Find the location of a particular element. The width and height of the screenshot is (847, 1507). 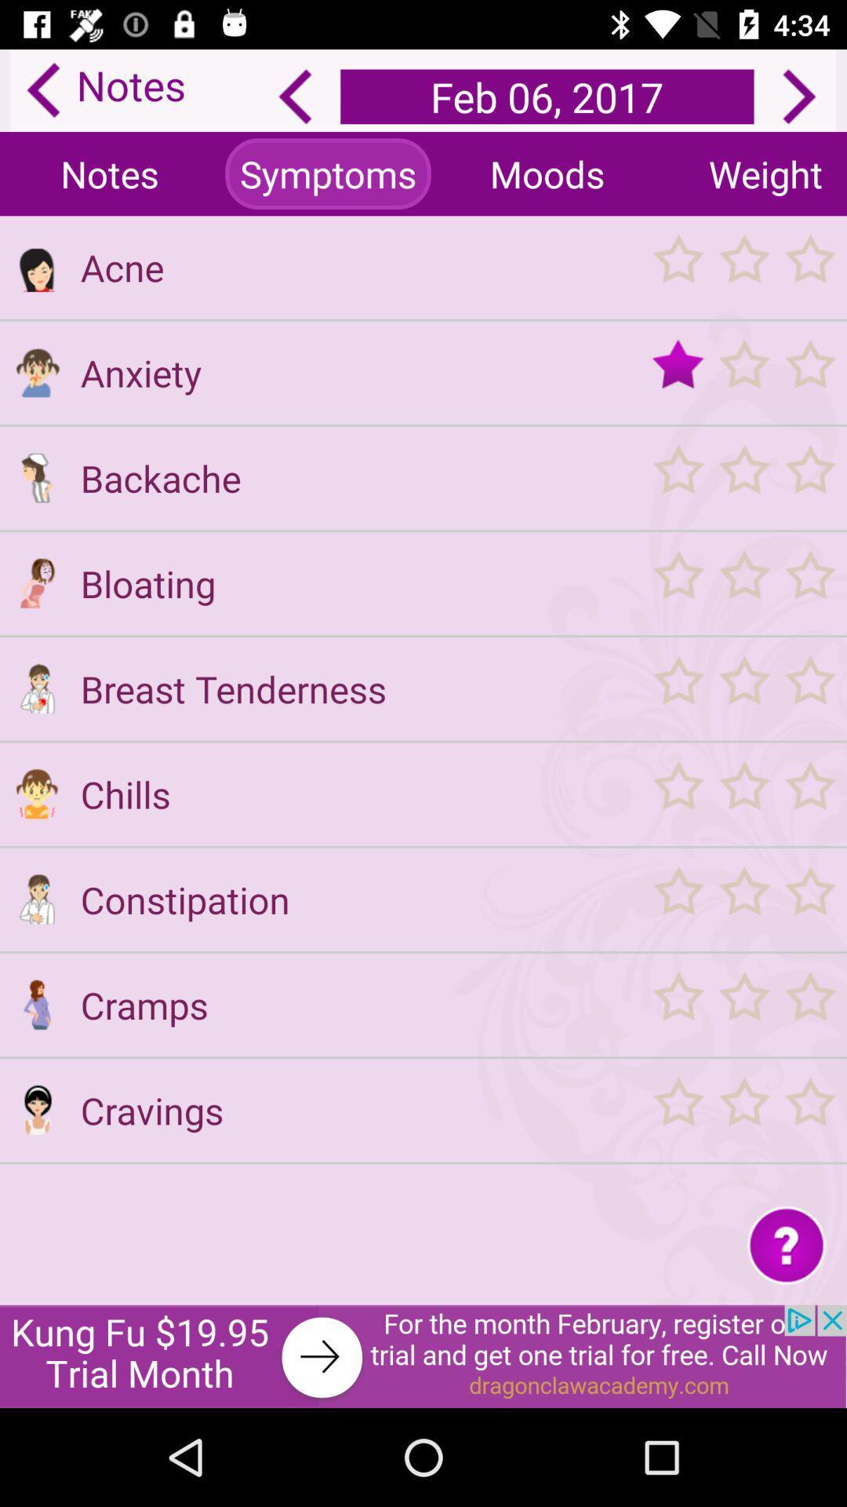

an option is located at coordinates (743, 267).